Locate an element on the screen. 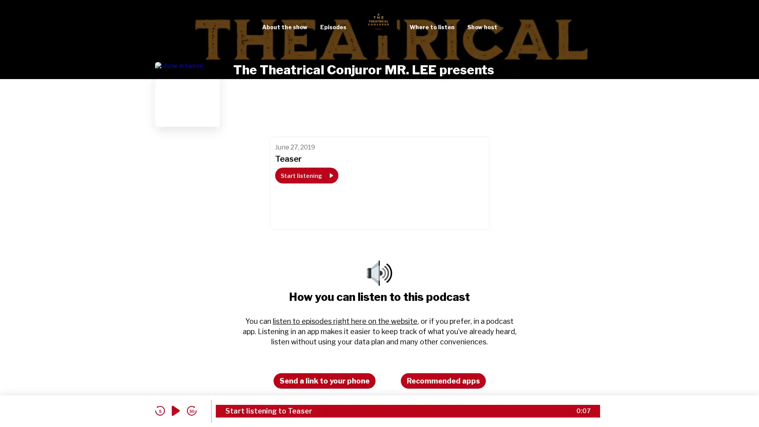 The image size is (759, 427). Send a link to your phone is located at coordinates (324, 380).